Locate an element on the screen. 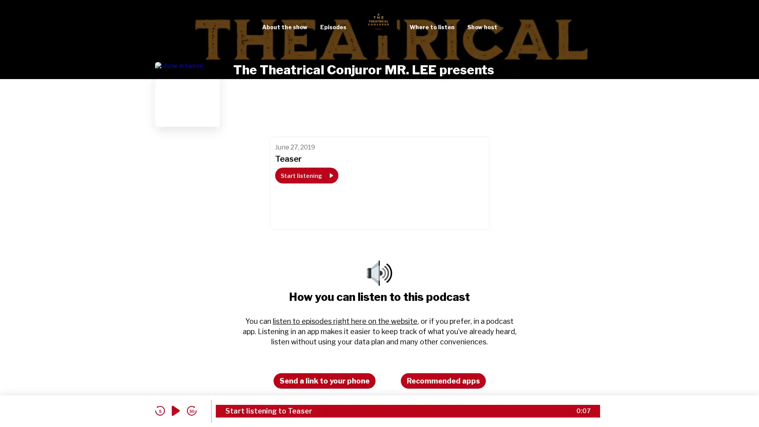 The image size is (759, 427). Send a link to your phone is located at coordinates (324, 380).